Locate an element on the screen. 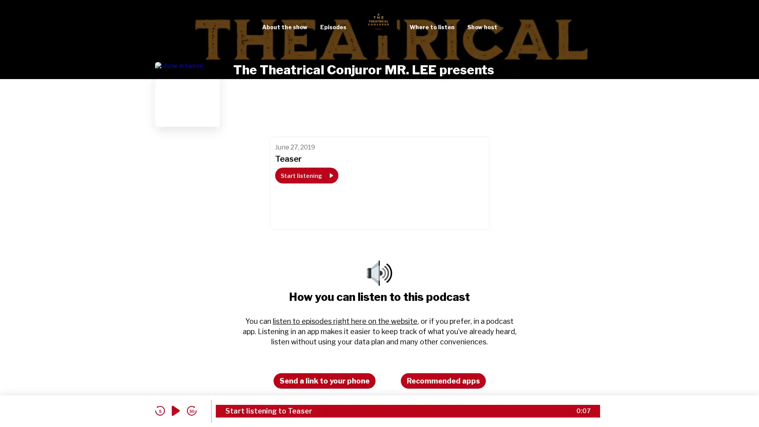 The image size is (759, 427). Send a link to your phone is located at coordinates (324, 380).